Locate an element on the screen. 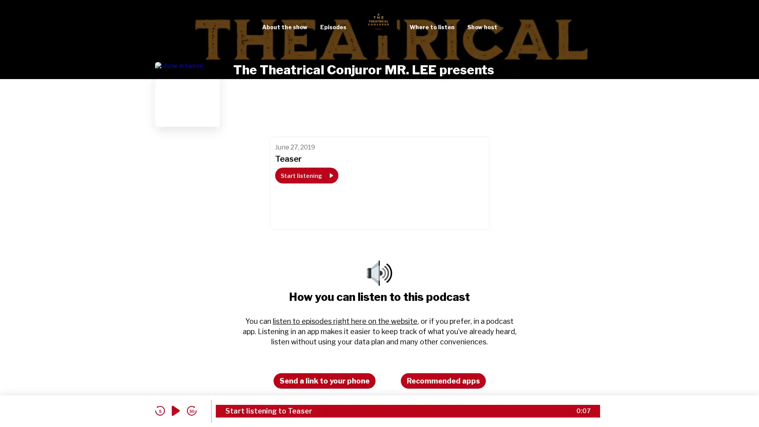 The image size is (759, 427). Send a link to your phone is located at coordinates (324, 380).